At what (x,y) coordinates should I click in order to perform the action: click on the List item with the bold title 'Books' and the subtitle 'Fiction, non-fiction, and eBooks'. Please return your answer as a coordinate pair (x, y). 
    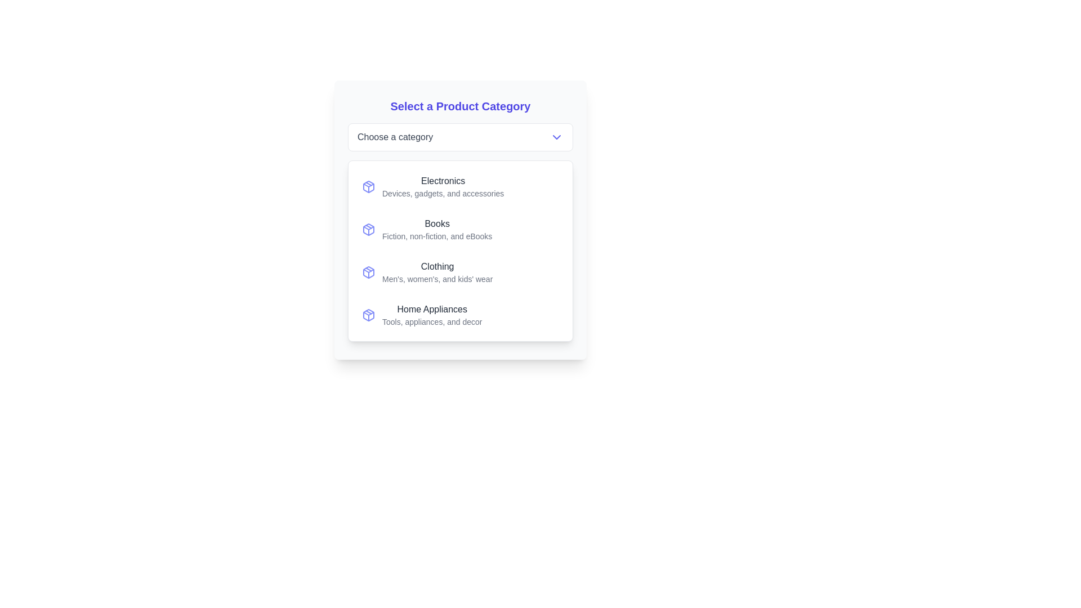
    Looking at the image, I should click on (426, 229).